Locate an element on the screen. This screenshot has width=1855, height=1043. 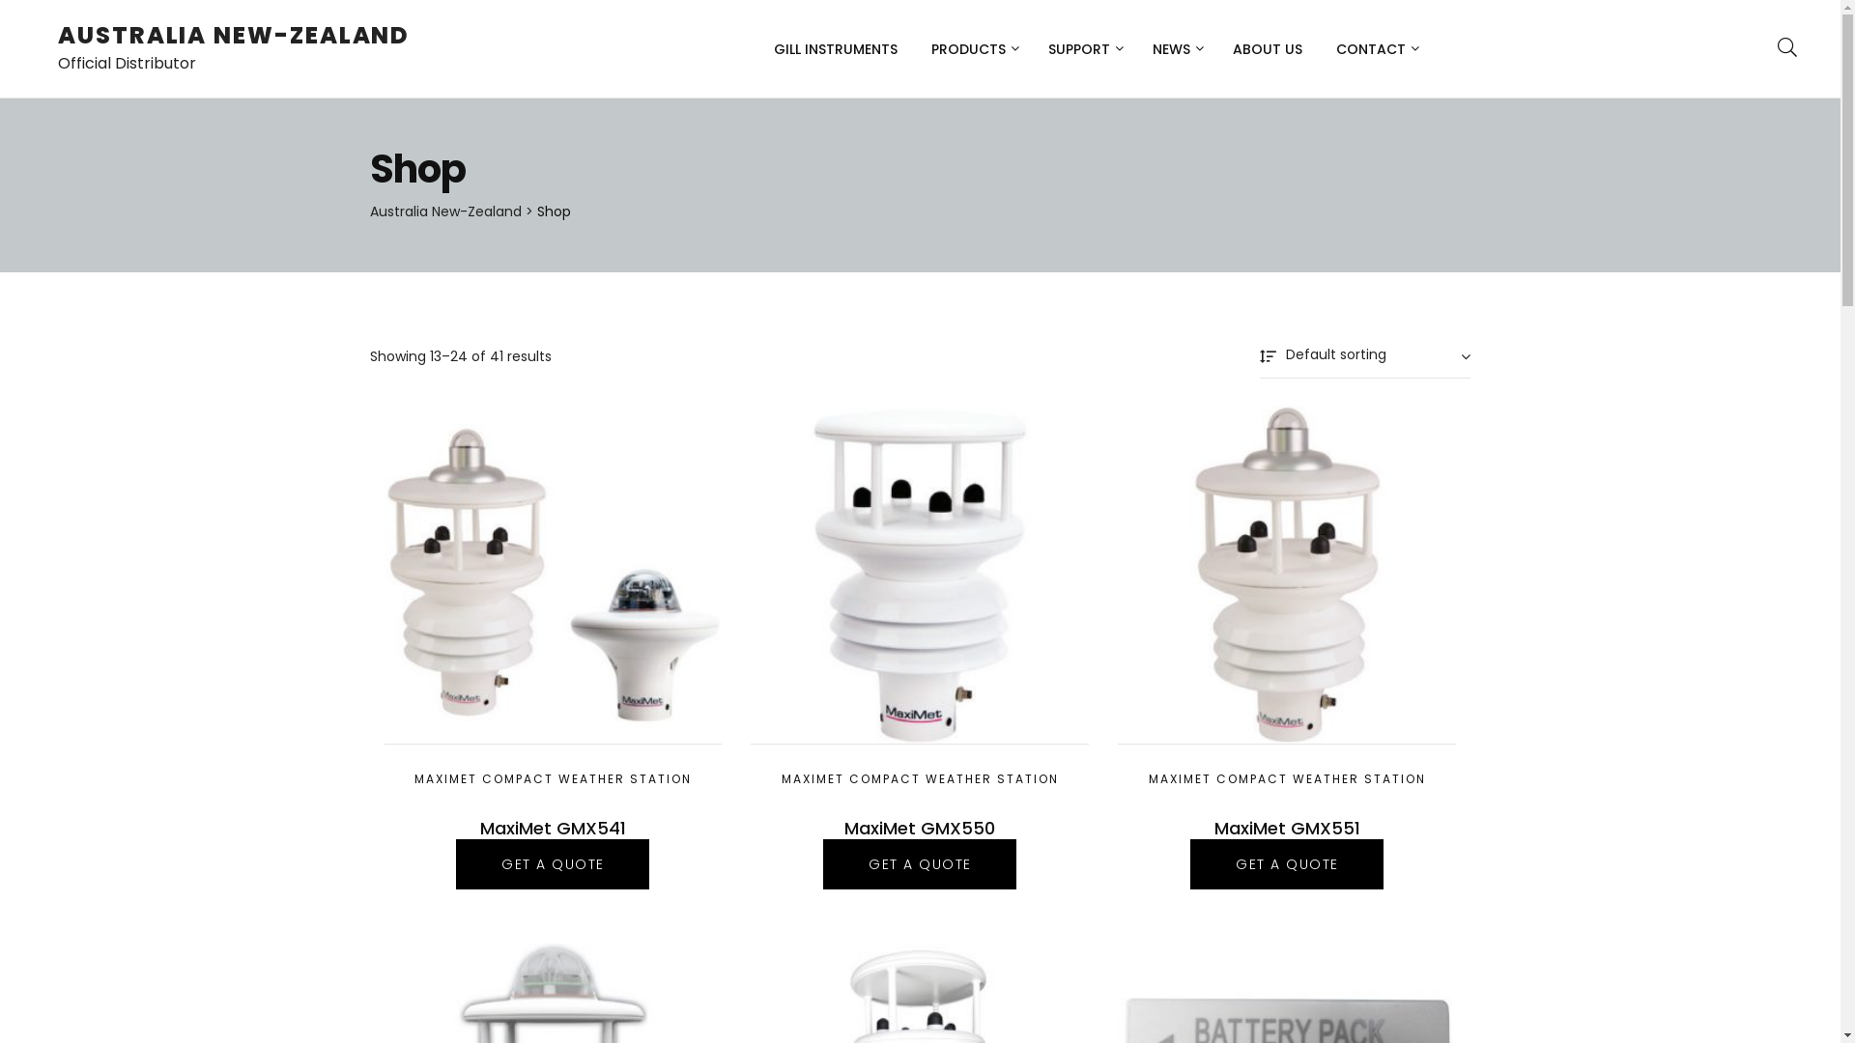
'MaxiMet GMX541' is located at coordinates (552, 827).